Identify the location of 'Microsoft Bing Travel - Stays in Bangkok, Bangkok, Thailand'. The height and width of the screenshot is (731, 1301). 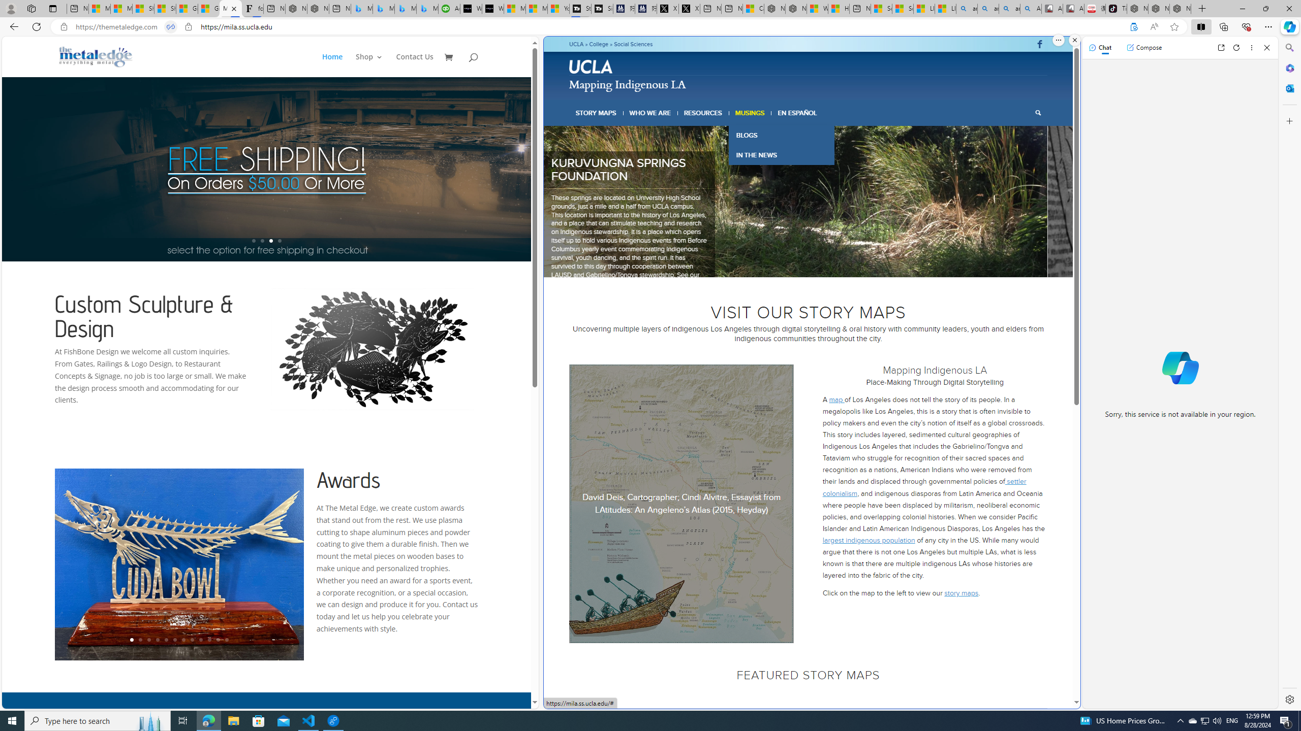
(383, 8).